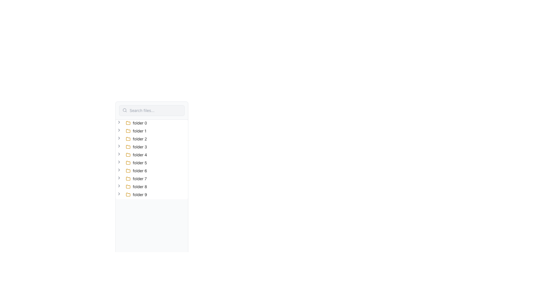 The height and width of the screenshot is (307, 547). I want to click on the Tree view node item labeled 'folder 9', so click(136, 194).